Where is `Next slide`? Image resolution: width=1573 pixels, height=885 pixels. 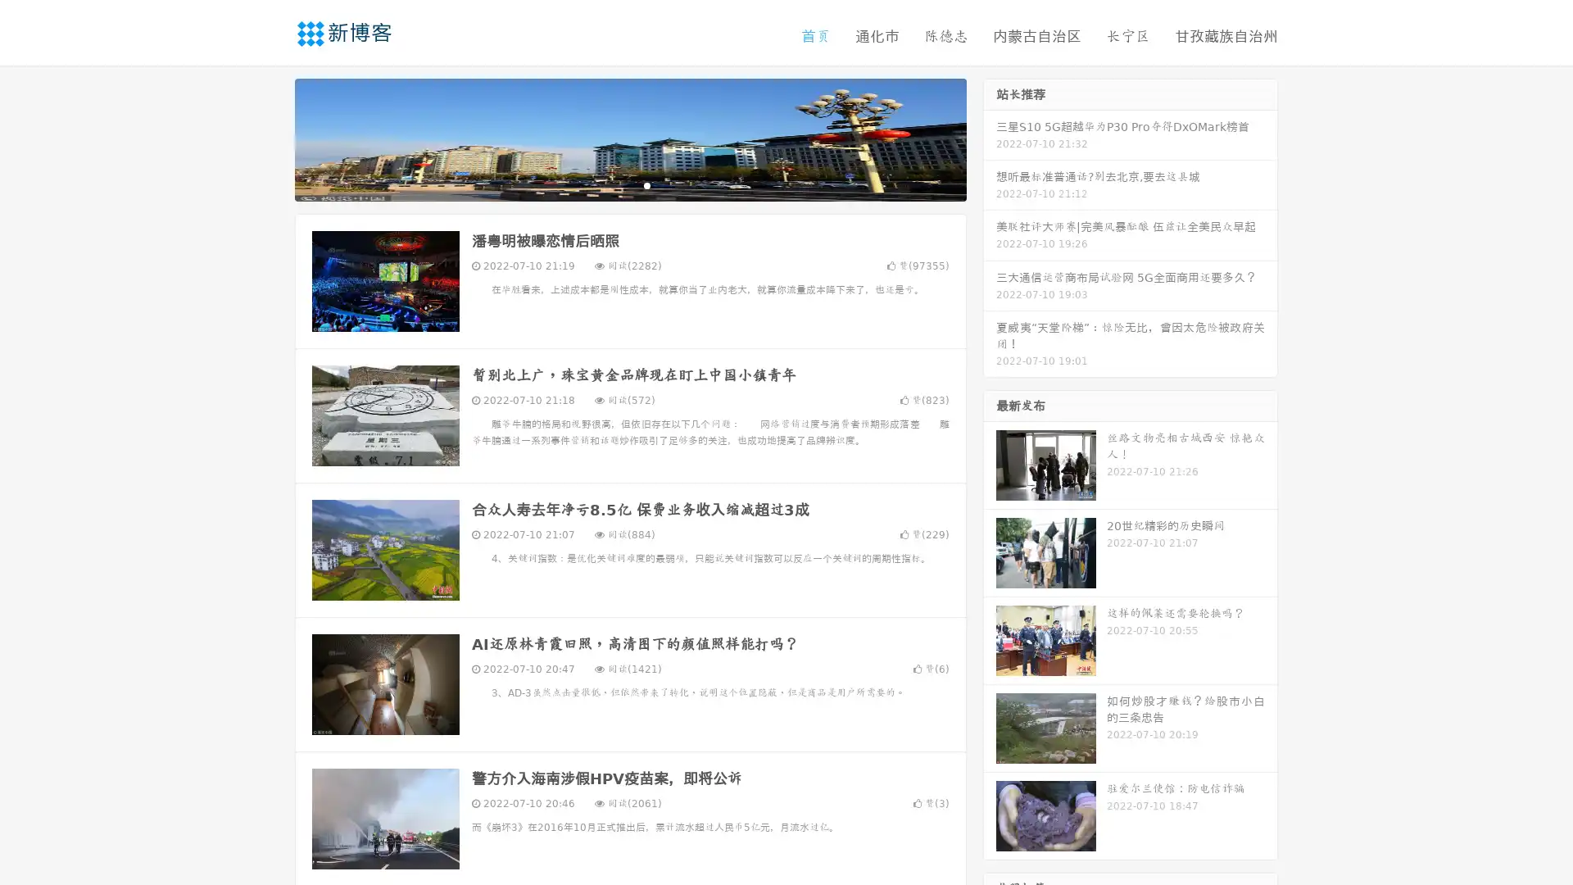
Next slide is located at coordinates (990, 138).